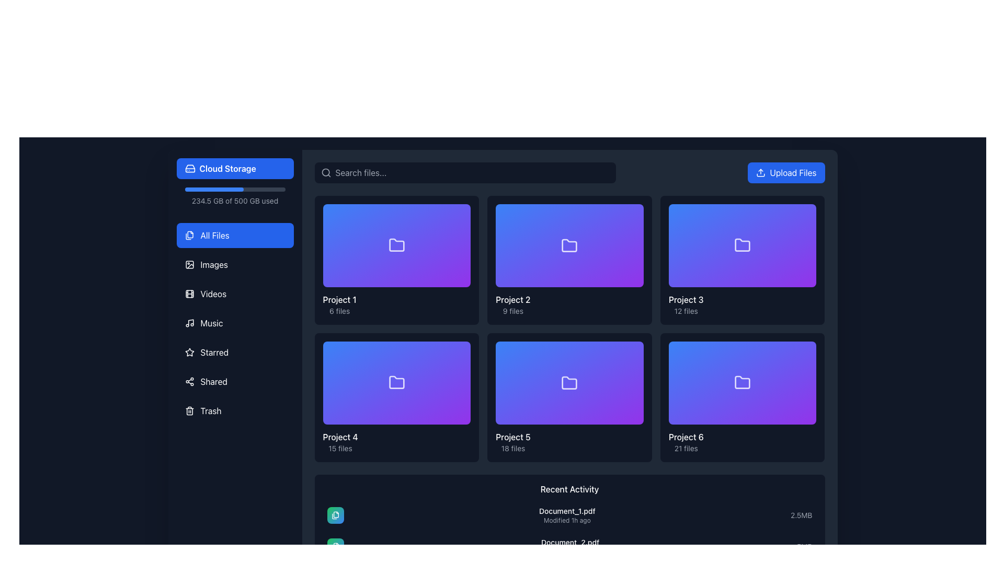 This screenshot has height=564, width=1004. What do you see at coordinates (566, 511) in the screenshot?
I see `the text label for 'Document_1.pdf'` at bounding box center [566, 511].